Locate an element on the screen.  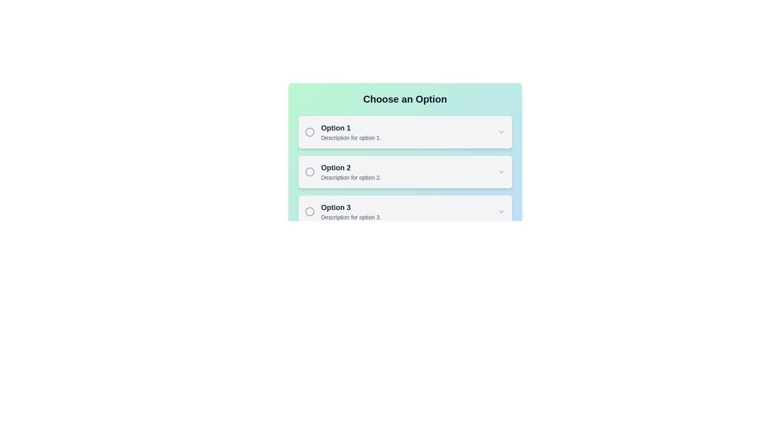
the selectable list item labeled 'Option 2' is located at coordinates (405, 172).